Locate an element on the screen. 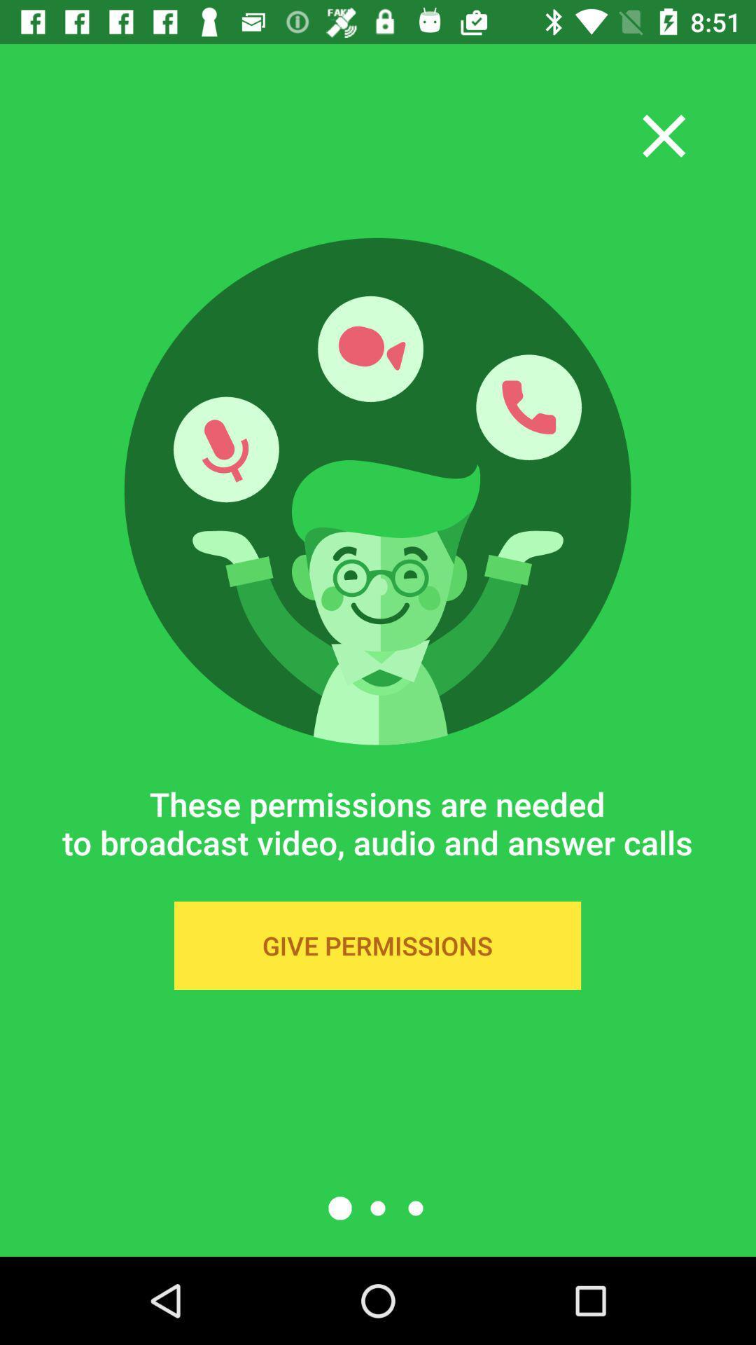 This screenshot has height=1345, width=756. the close icon is located at coordinates (663, 136).